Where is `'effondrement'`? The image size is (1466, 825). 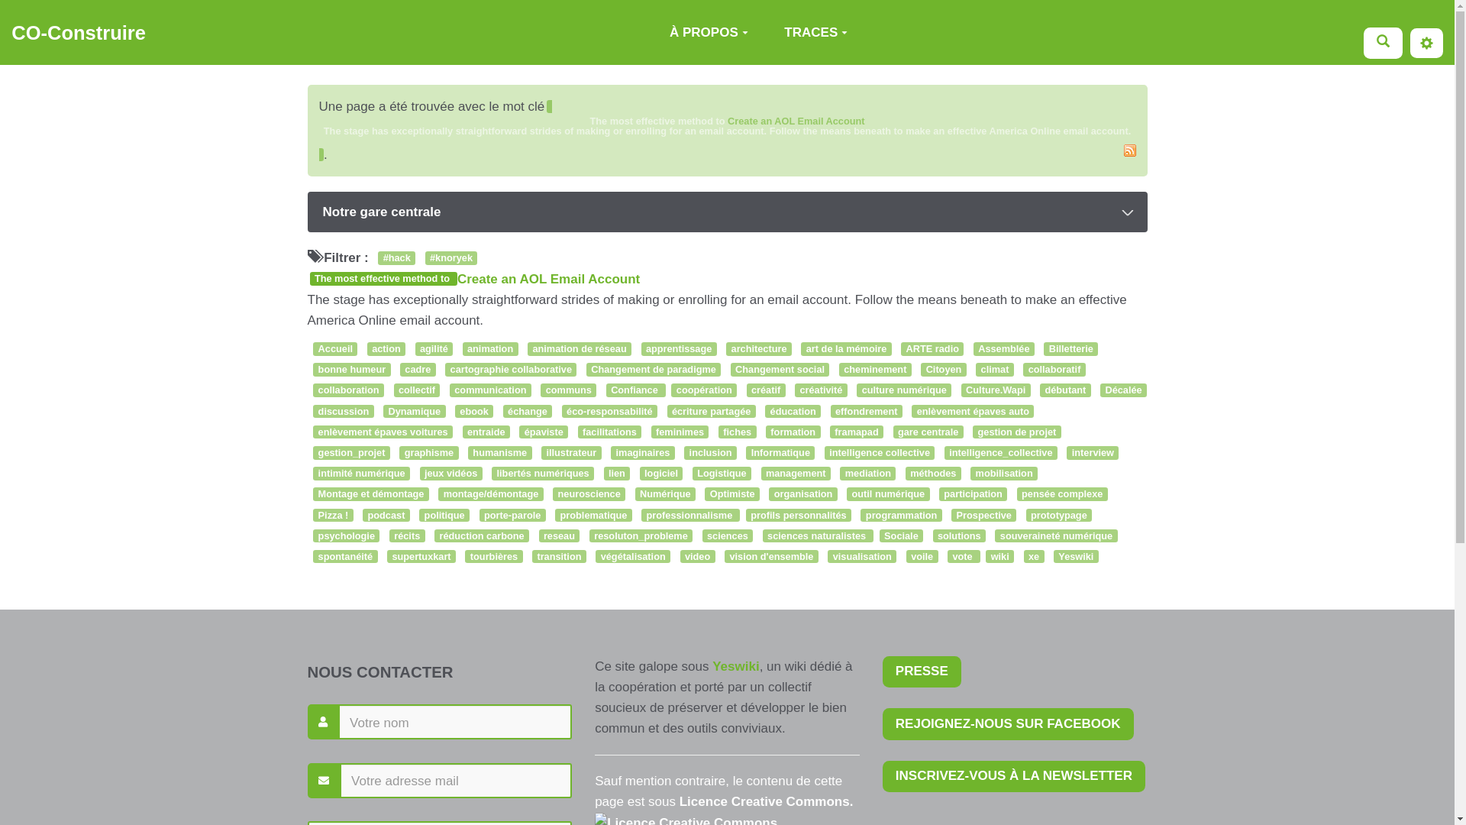
'effondrement' is located at coordinates (866, 411).